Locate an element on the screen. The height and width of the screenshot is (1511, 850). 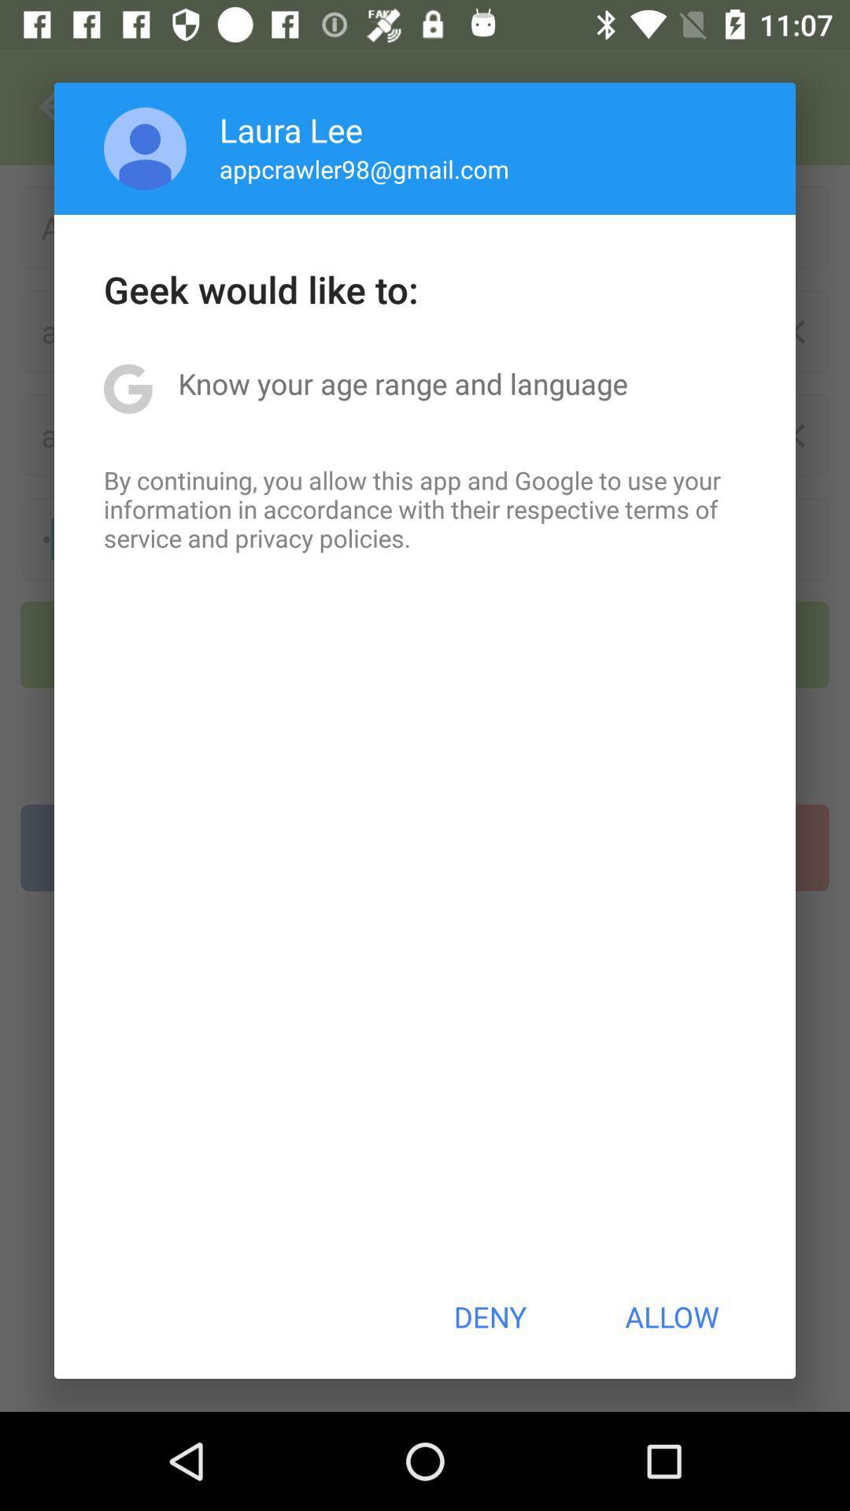
deny button is located at coordinates (489, 1317).